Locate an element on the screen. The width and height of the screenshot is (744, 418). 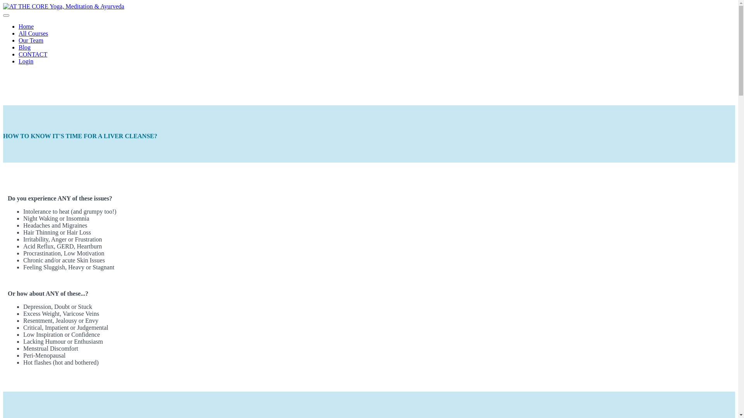
'Home' is located at coordinates (26, 26).